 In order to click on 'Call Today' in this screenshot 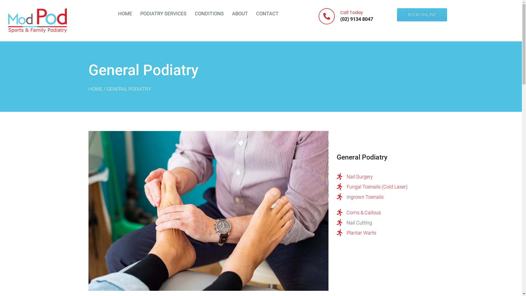, I will do `click(351, 12)`.